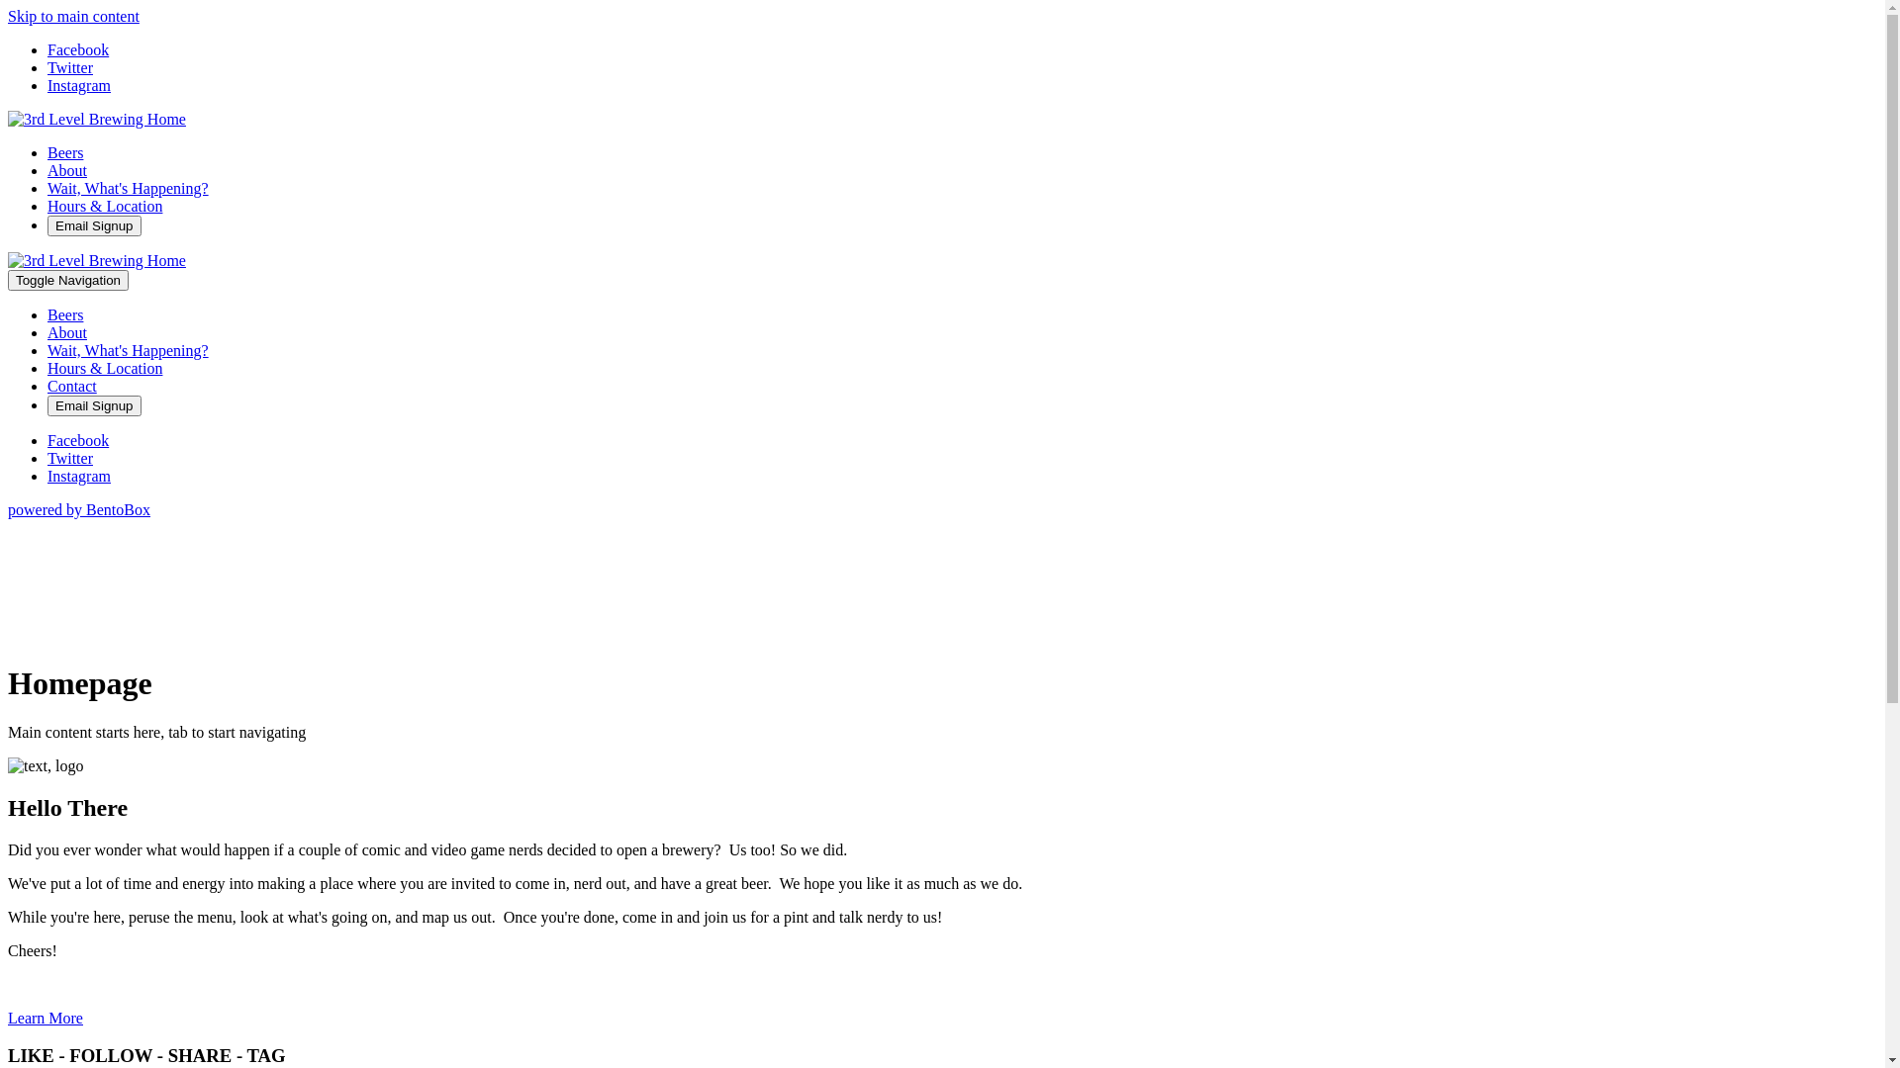  Describe the element at coordinates (70, 66) in the screenshot. I see `'Twitter'` at that location.